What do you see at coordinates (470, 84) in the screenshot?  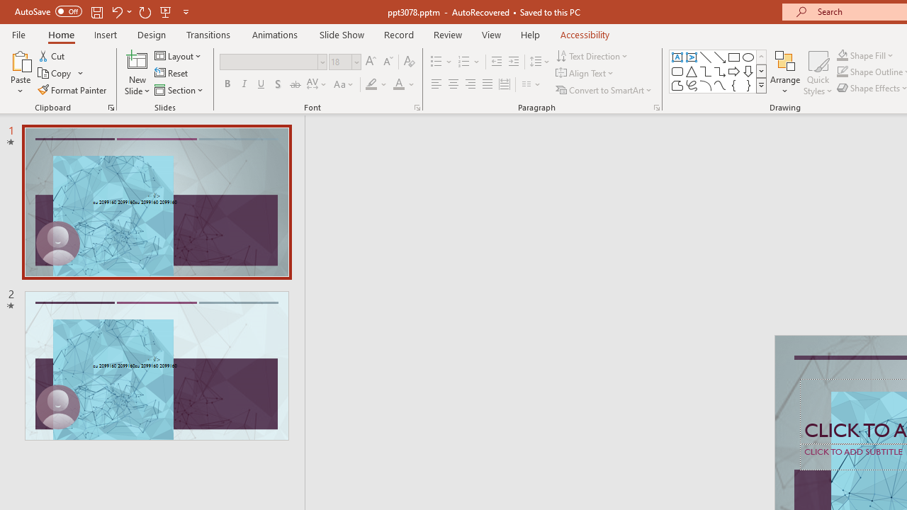 I see `'Align Right'` at bounding box center [470, 84].